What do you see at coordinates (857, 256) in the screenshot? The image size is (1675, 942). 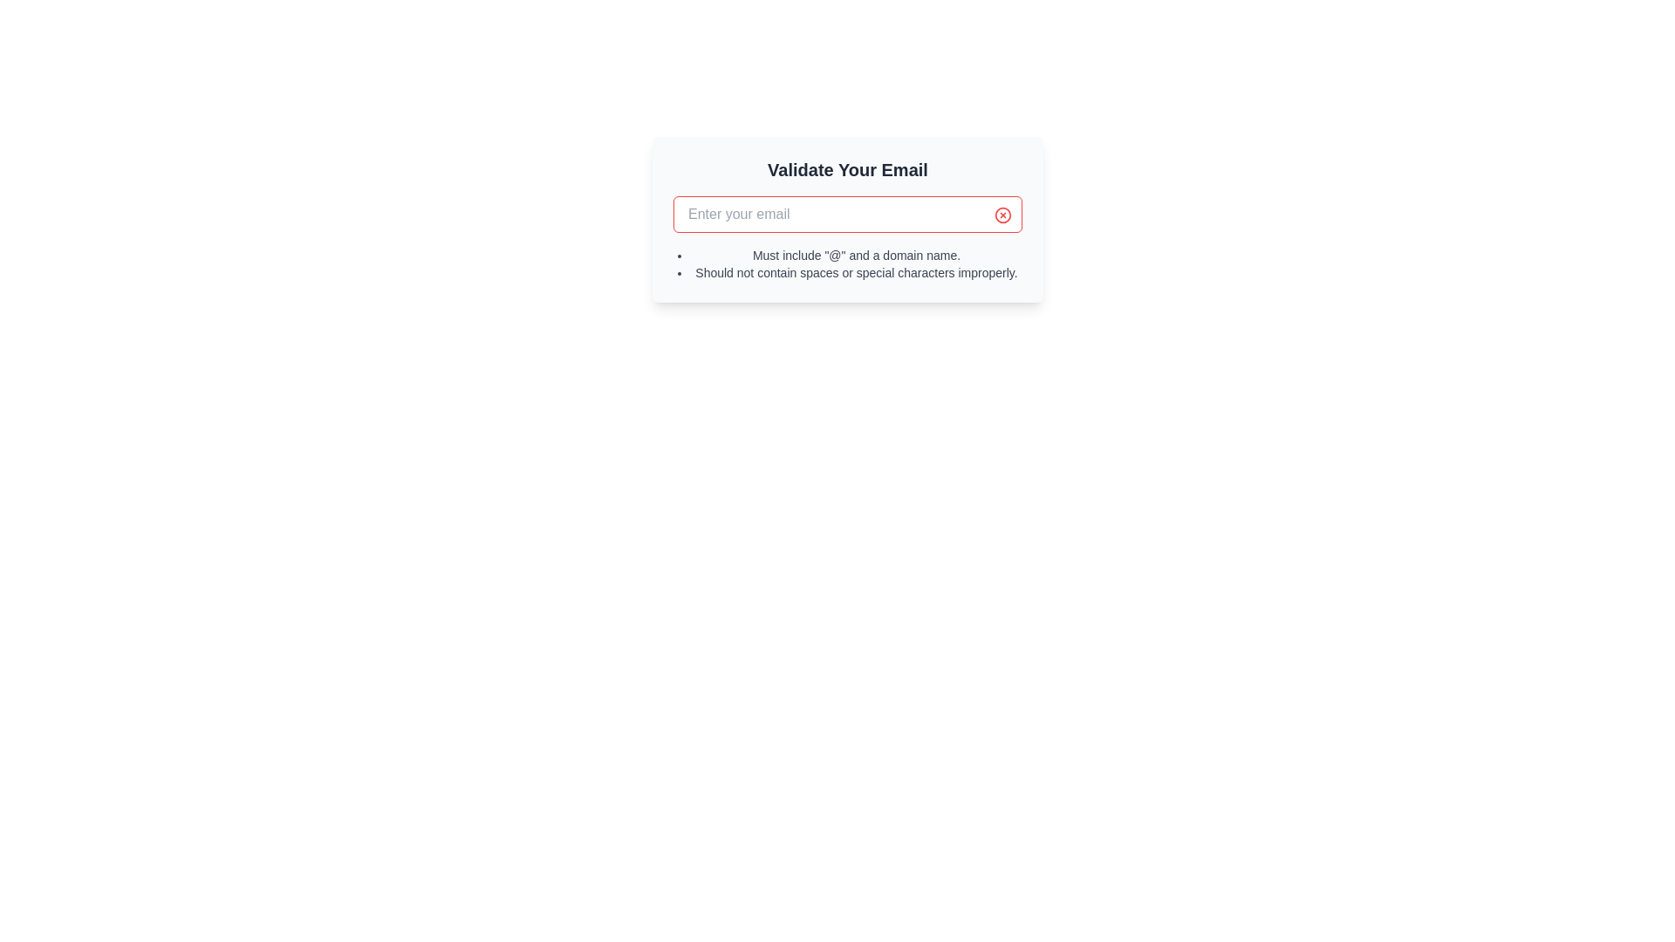 I see `the first Text Label that provides guidance on formatting email addresses, positioned below the input field` at bounding box center [857, 256].